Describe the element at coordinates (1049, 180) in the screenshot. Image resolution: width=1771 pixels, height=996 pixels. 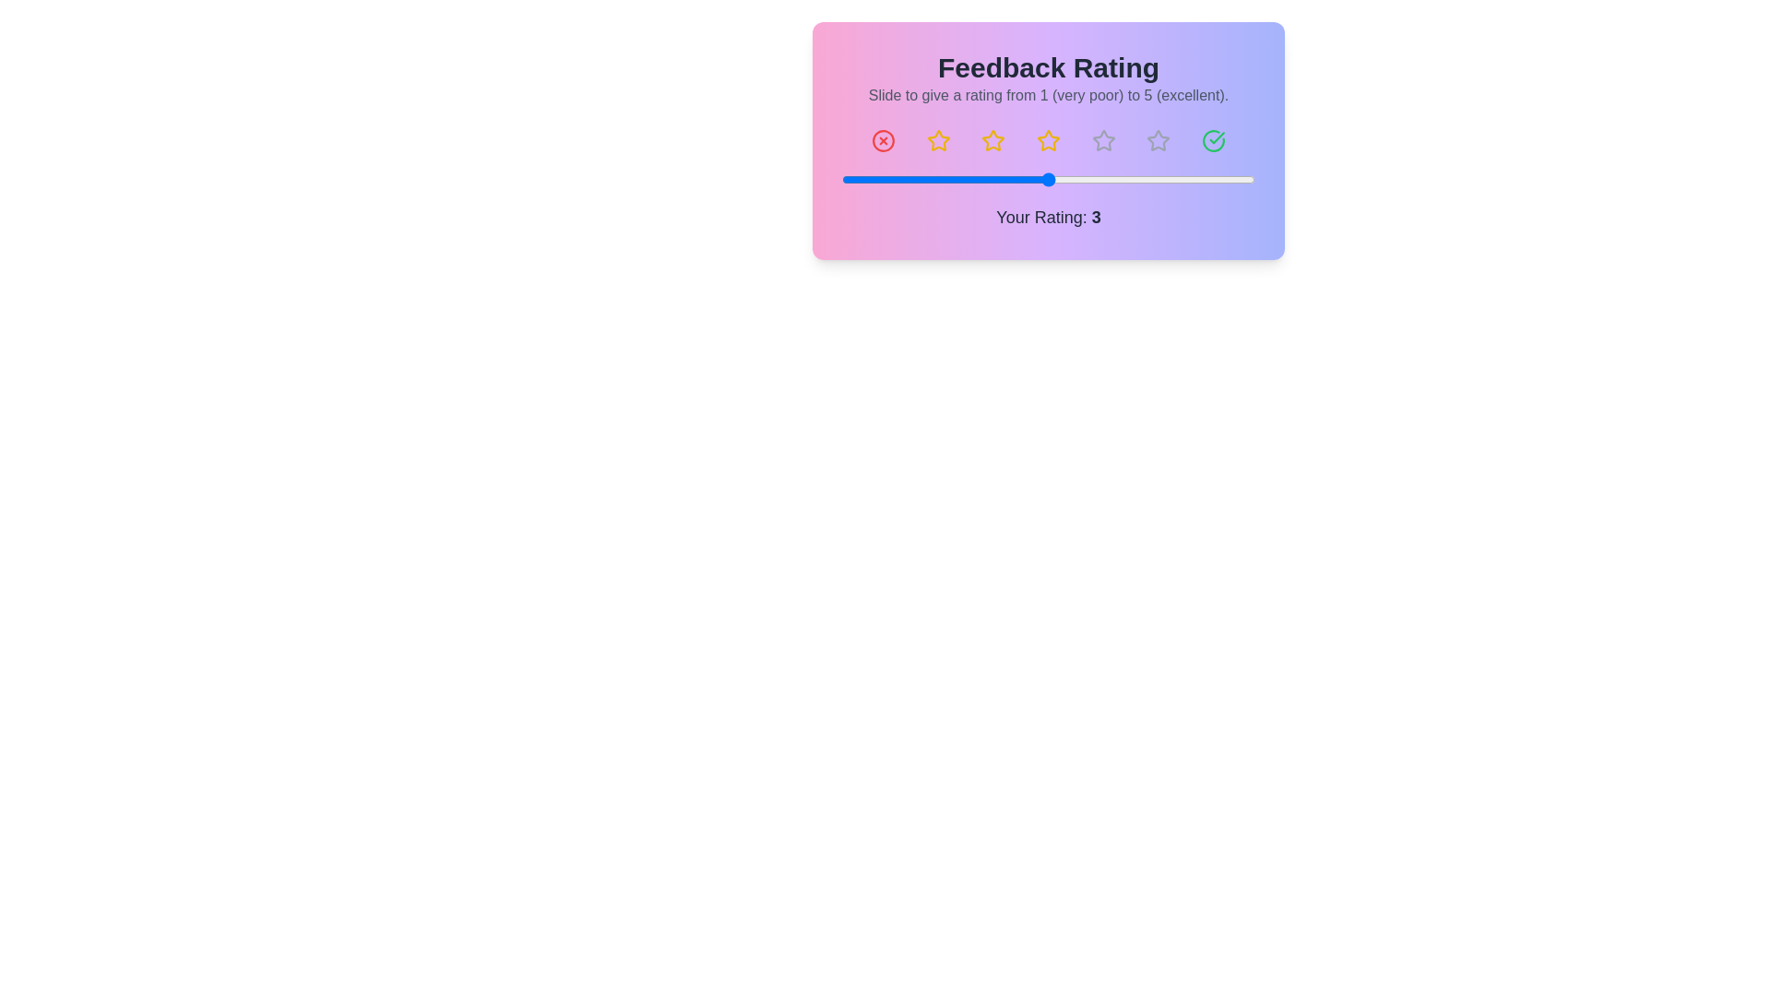
I see `the slider to set the rating to 3 within the range of 1 to 5` at that location.